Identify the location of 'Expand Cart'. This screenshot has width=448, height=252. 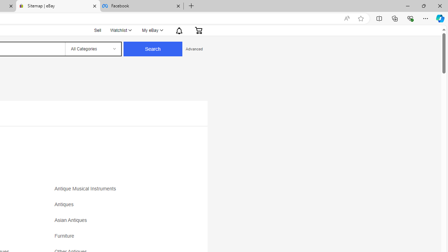
(198, 30).